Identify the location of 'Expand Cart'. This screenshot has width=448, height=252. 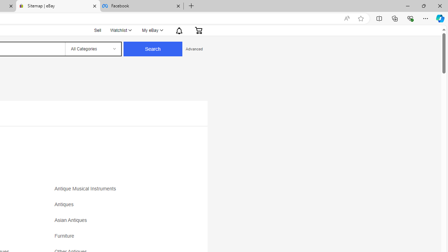
(198, 30).